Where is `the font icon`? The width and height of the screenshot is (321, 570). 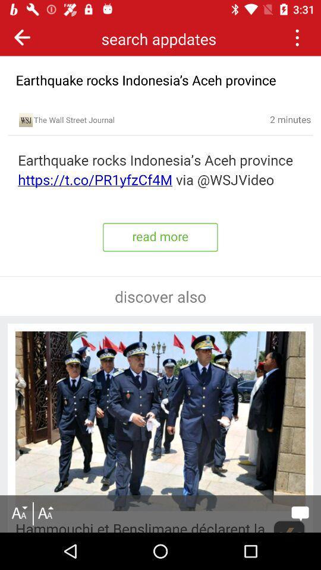 the font icon is located at coordinates (45, 513).